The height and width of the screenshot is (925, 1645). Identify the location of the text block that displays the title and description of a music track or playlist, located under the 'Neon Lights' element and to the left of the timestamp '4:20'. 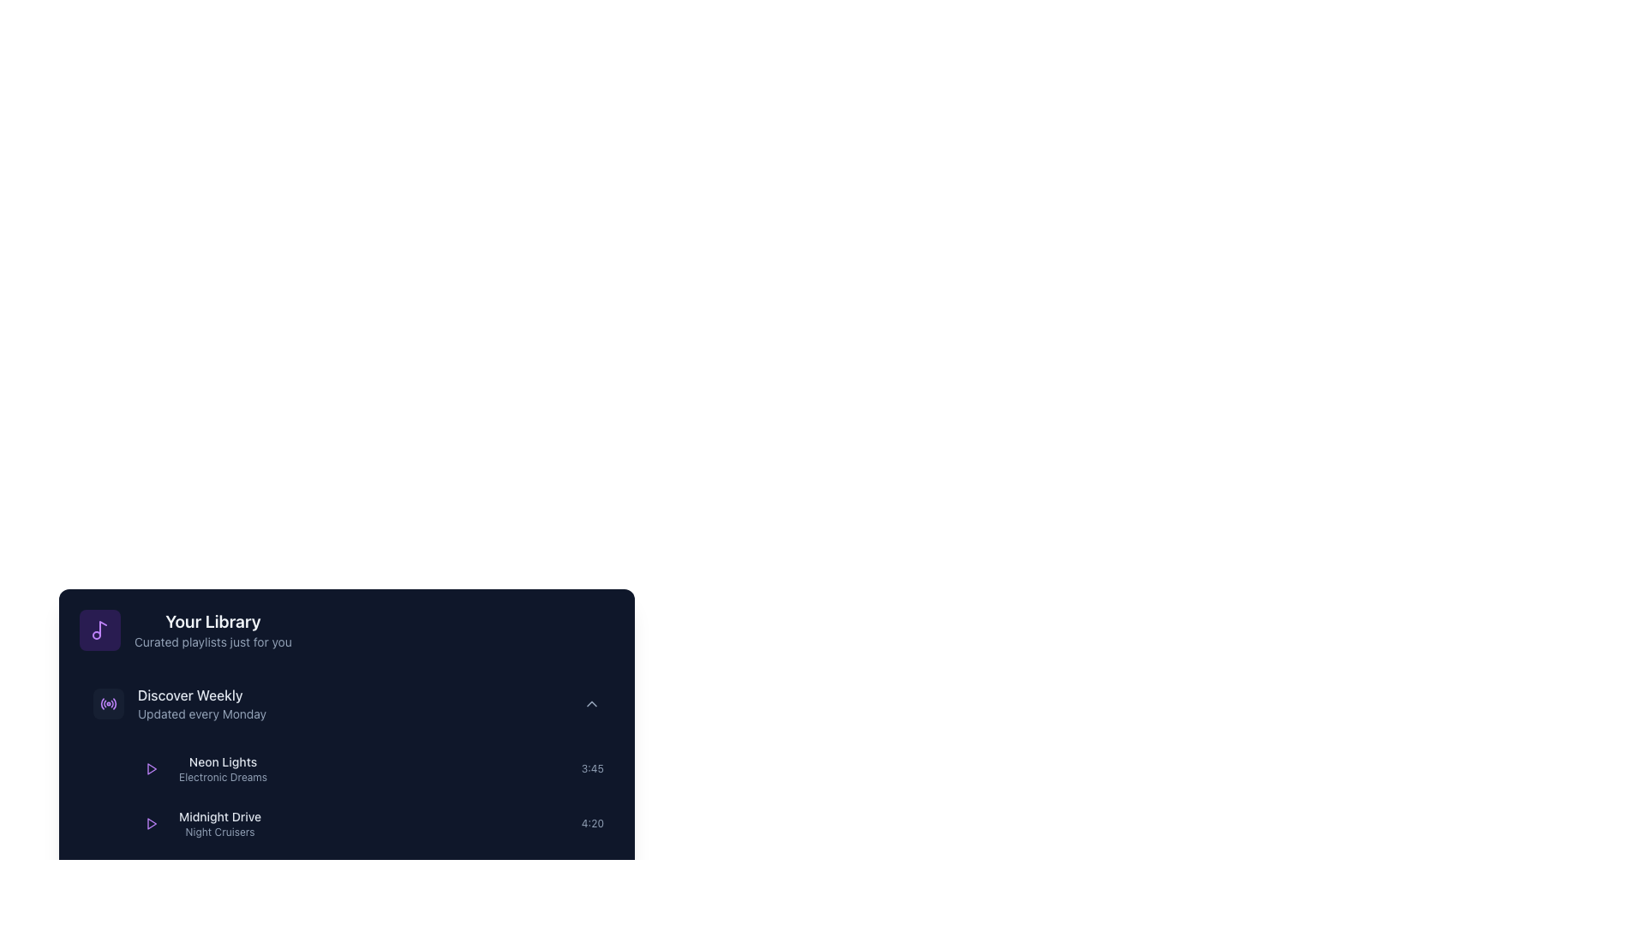
(200, 822).